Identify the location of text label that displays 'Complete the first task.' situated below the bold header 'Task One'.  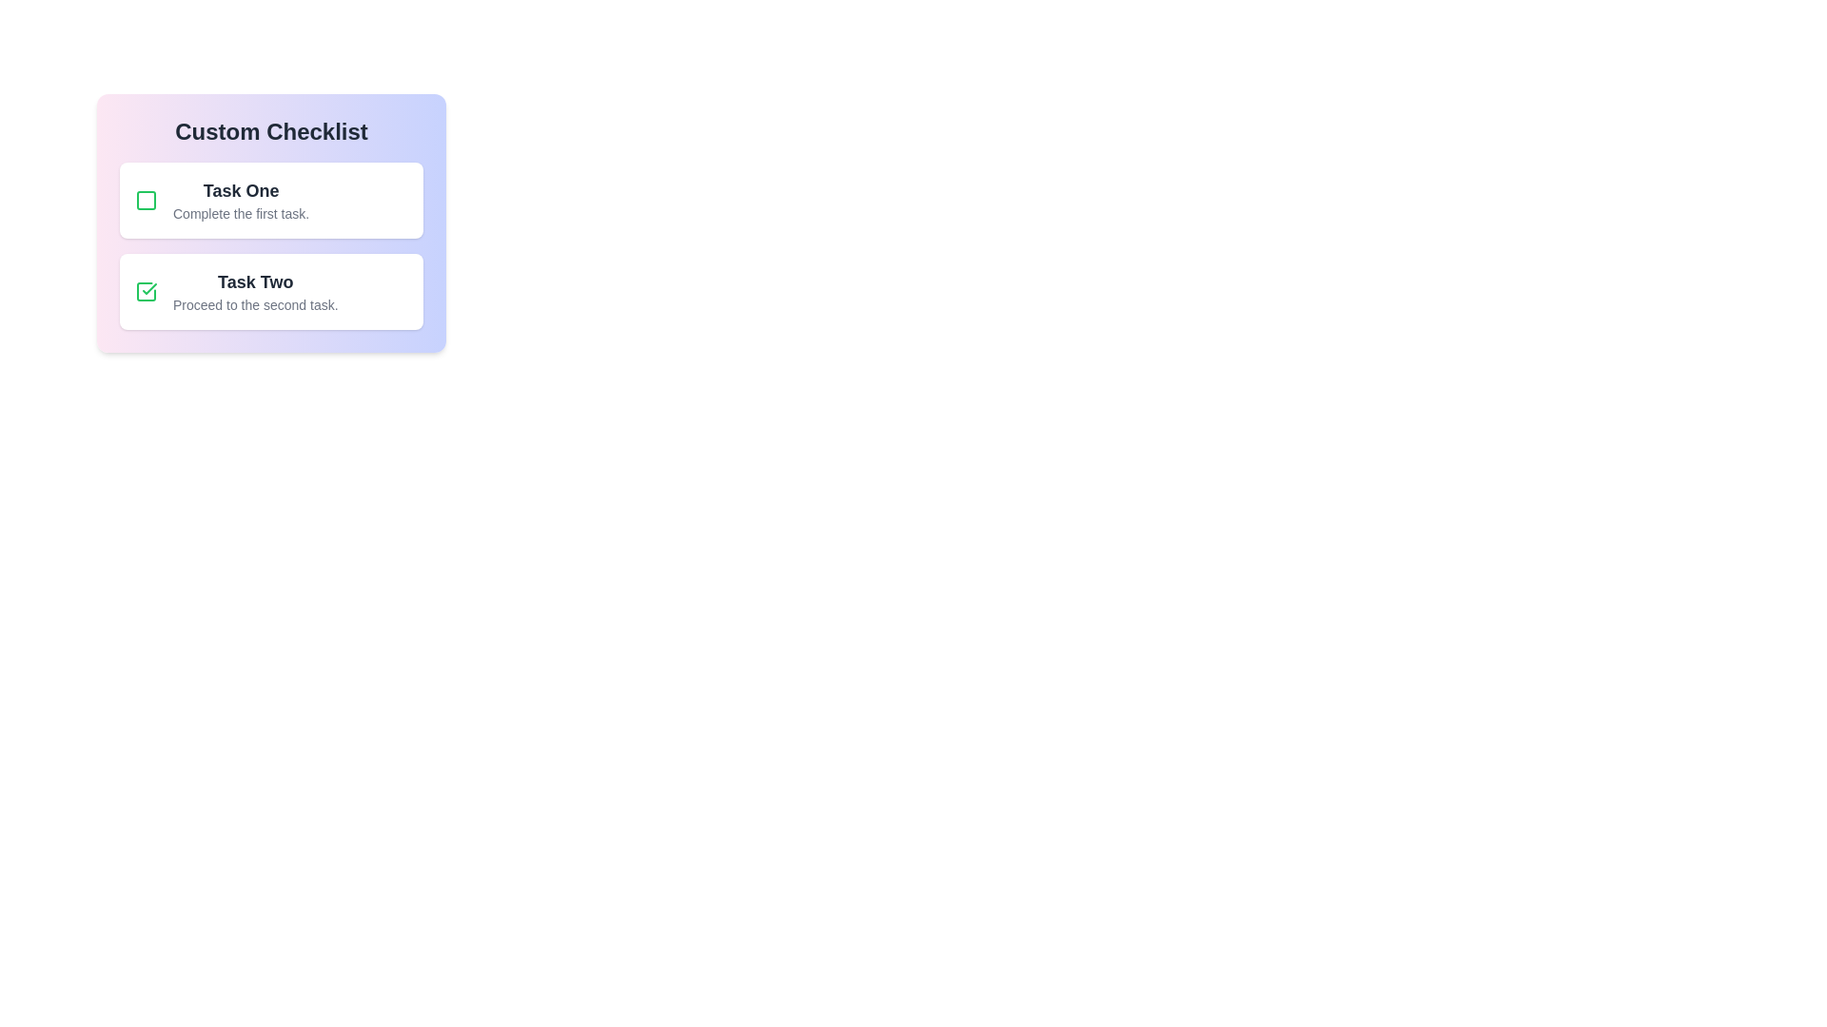
(240, 213).